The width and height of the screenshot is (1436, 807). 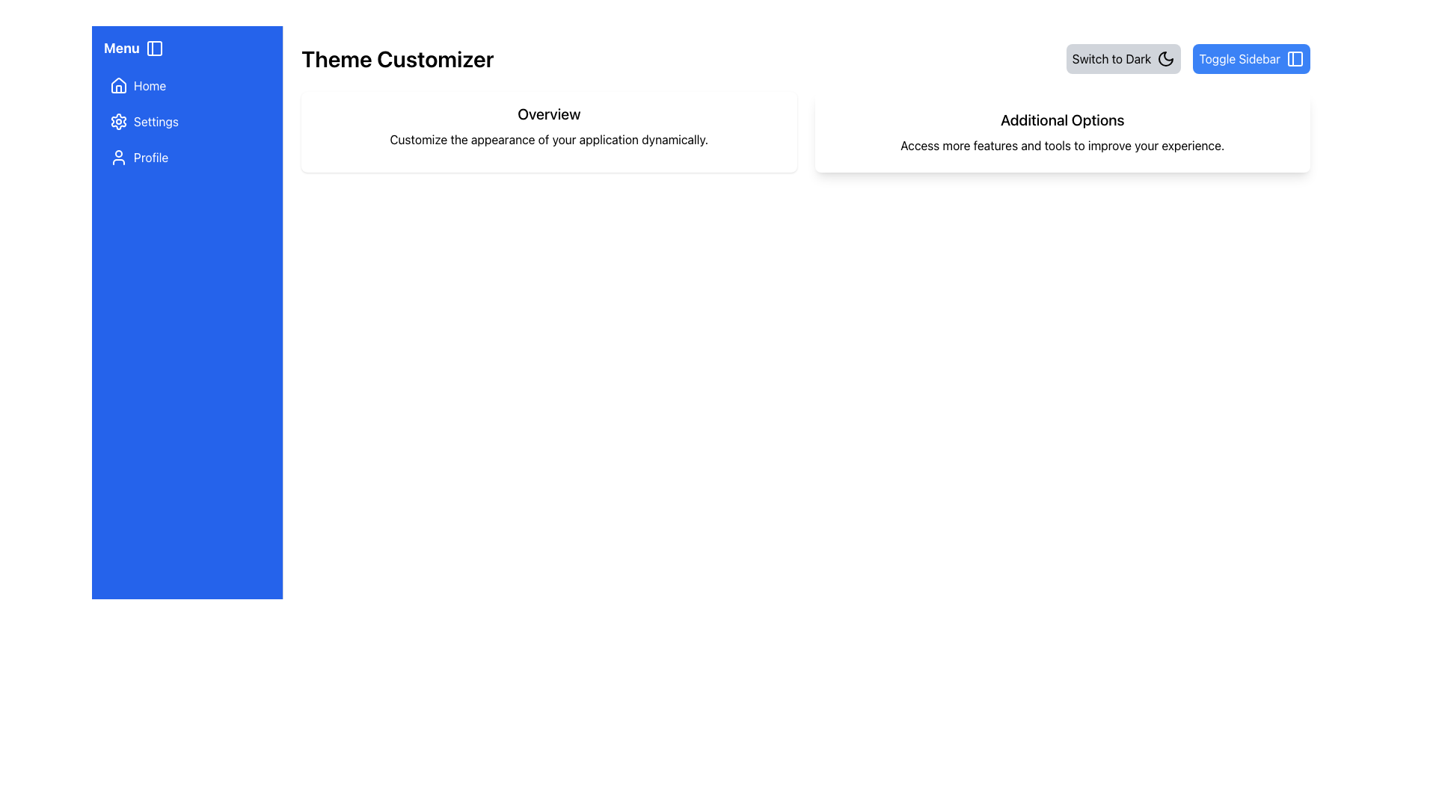 What do you see at coordinates (117, 120) in the screenshot?
I see `the gear icon in the navigation sidebar, which is associated with the 'Settings' menu item` at bounding box center [117, 120].